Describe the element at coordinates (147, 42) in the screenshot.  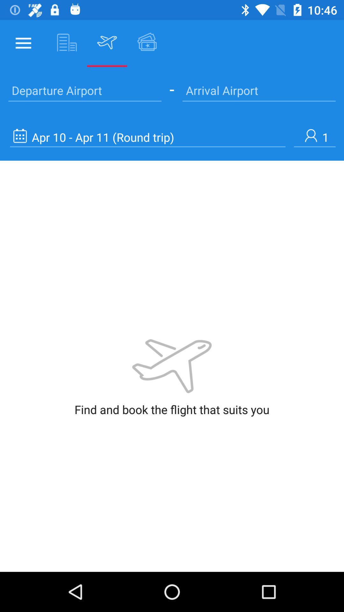
I see `the icon right to flight icon` at that location.